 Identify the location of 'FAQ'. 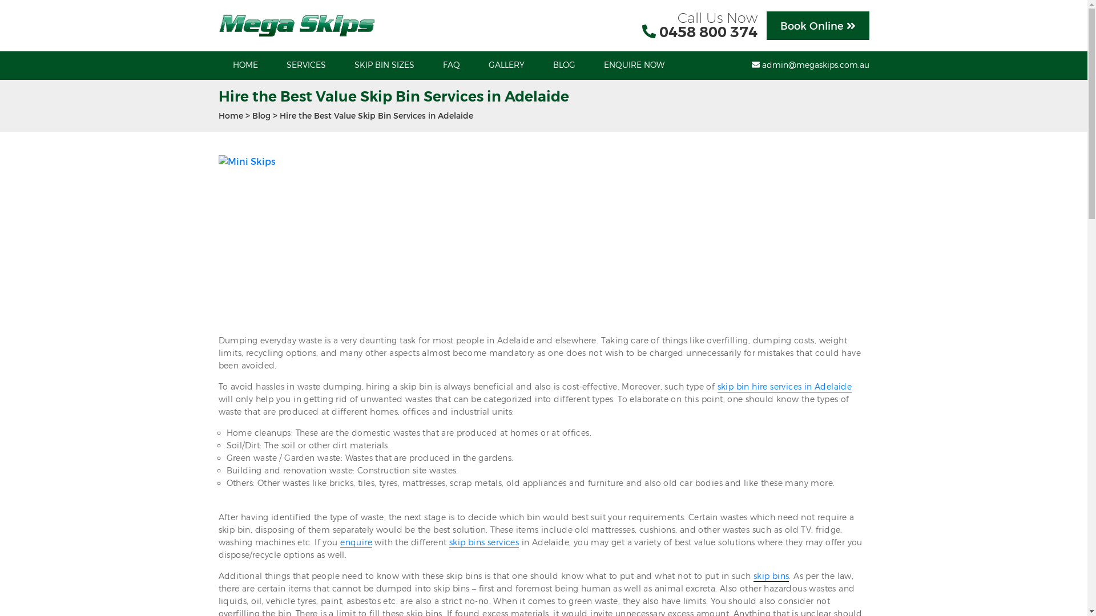
(450, 66).